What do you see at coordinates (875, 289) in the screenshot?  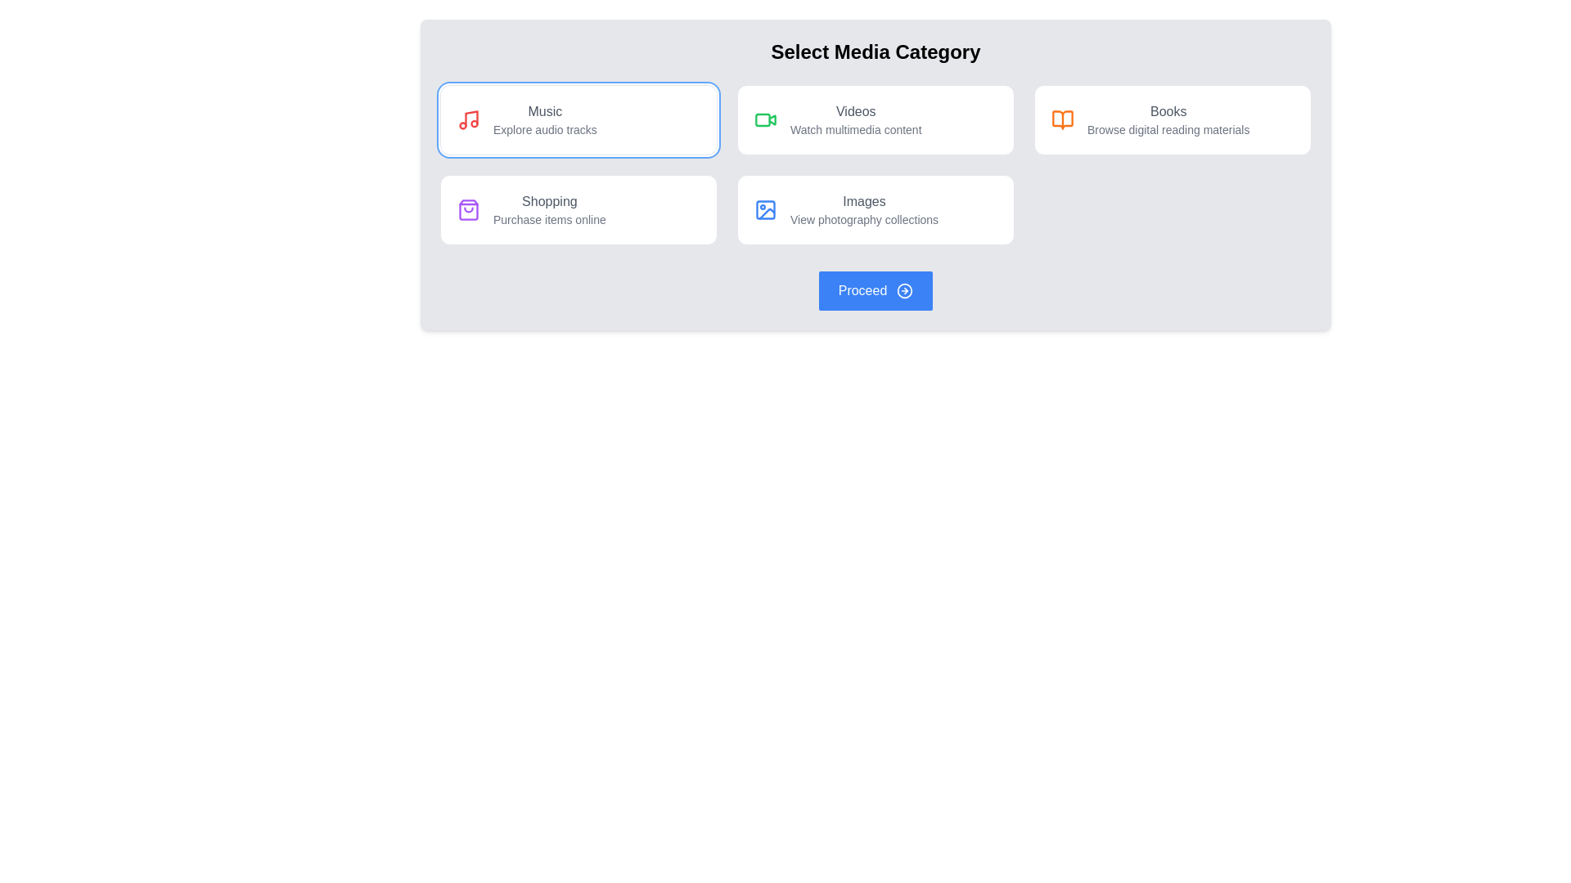 I see `the interactive button located at the bottom center of the interface to observe its hover effects before proceeding` at bounding box center [875, 289].